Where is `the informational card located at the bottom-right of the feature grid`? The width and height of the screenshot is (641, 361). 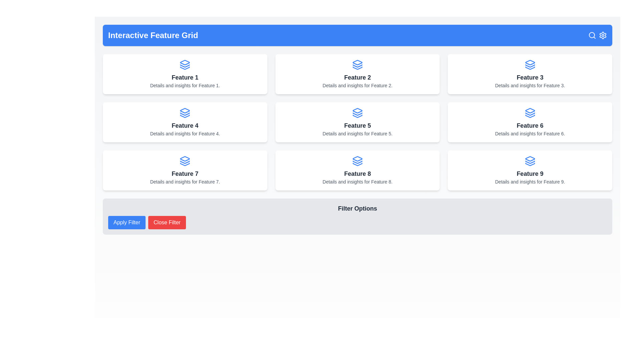
the informational card located at the bottom-right of the feature grid is located at coordinates (529, 170).